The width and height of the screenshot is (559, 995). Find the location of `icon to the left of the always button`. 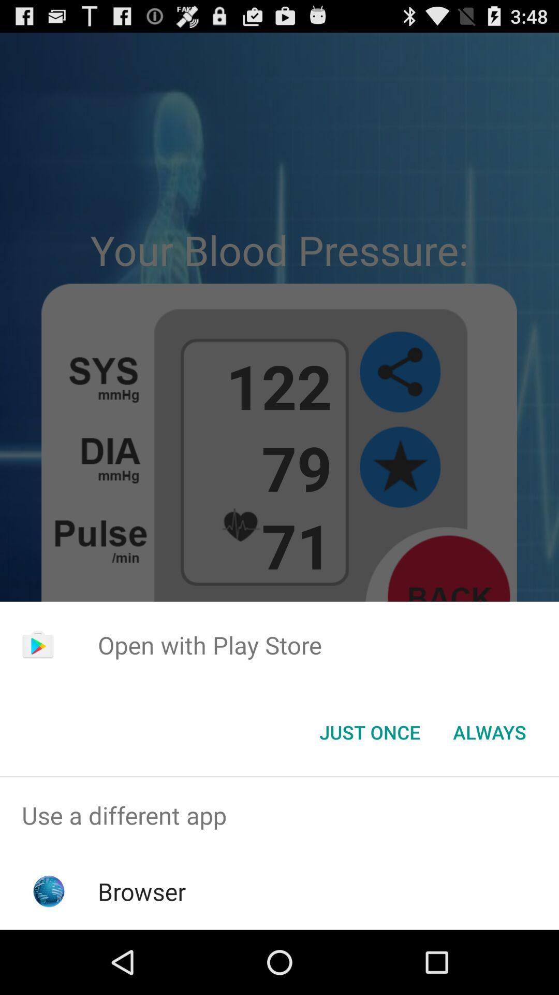

icon to the left of the always button is located at coordinates (369, 731).